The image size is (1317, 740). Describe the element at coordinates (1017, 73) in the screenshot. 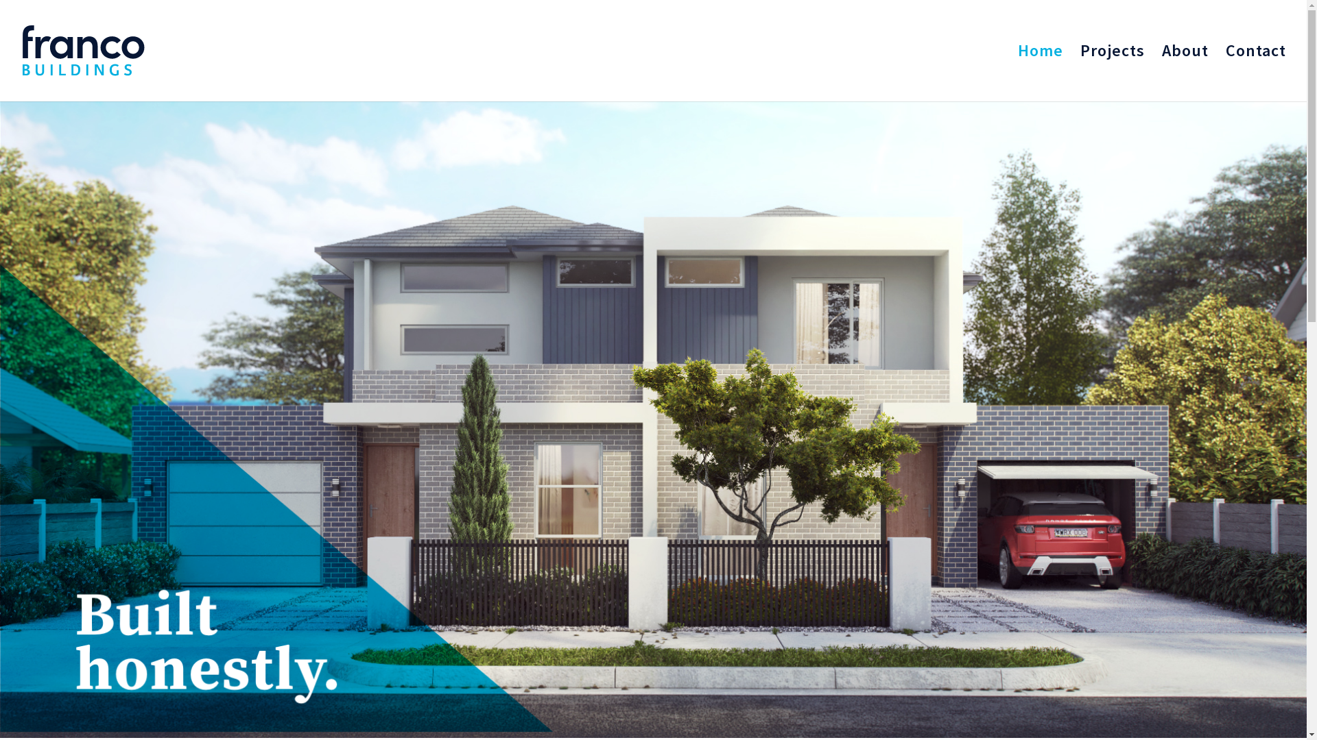

I see `'Home'` at that location.